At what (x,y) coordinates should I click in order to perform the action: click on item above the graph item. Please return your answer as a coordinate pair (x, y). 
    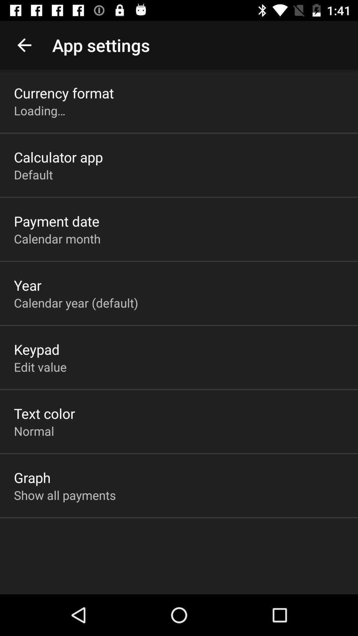
    Looking at the image, I should click on (34, 431).